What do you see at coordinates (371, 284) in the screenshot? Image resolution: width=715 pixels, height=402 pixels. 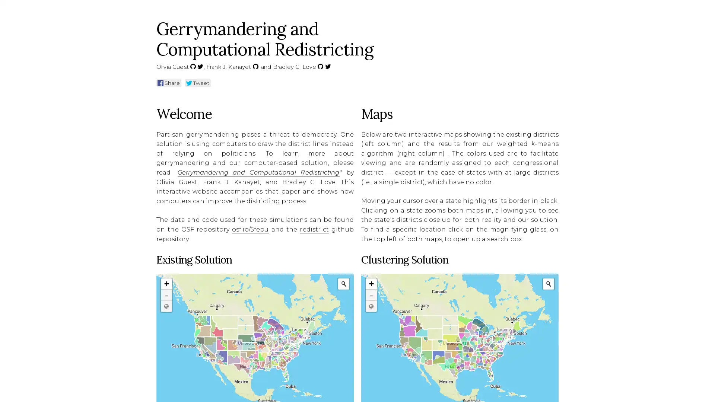 I see `Zoom in` at bounding box center [371, 284].